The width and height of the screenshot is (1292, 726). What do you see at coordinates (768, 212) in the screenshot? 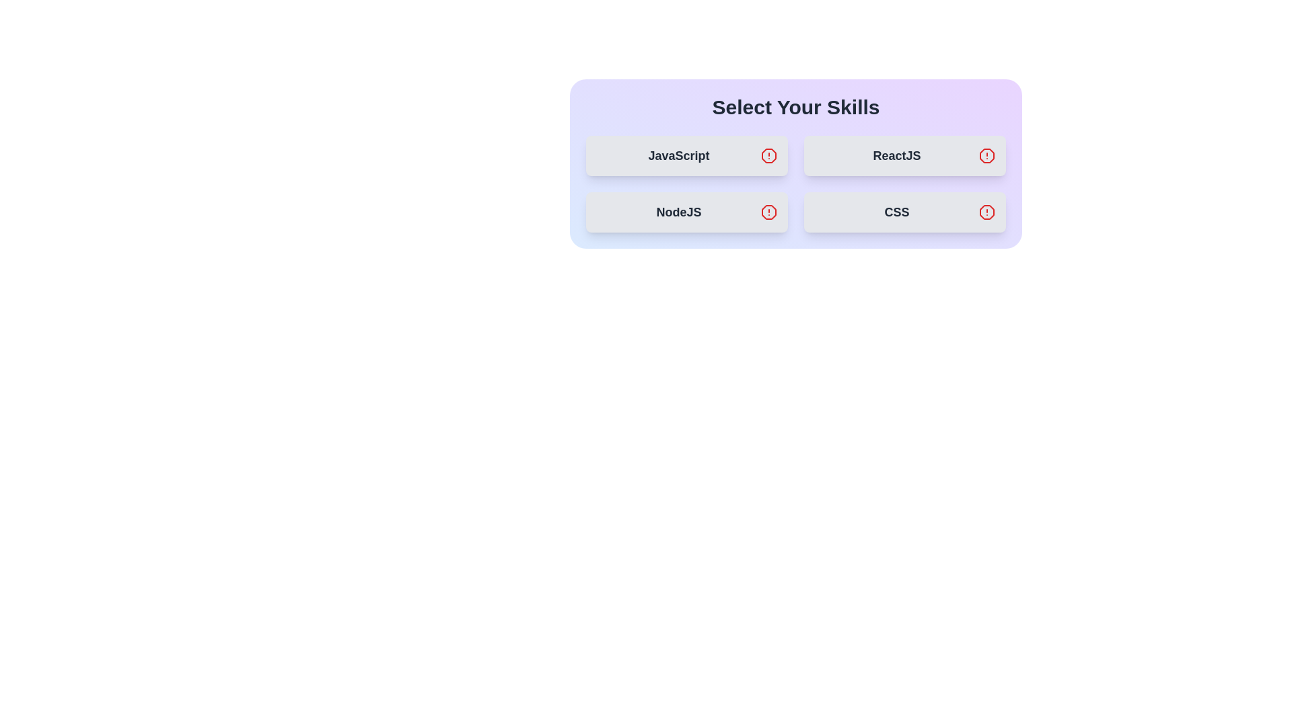
I see `the icon associated with the skill NodeJS` at bounding box center [768, 212].